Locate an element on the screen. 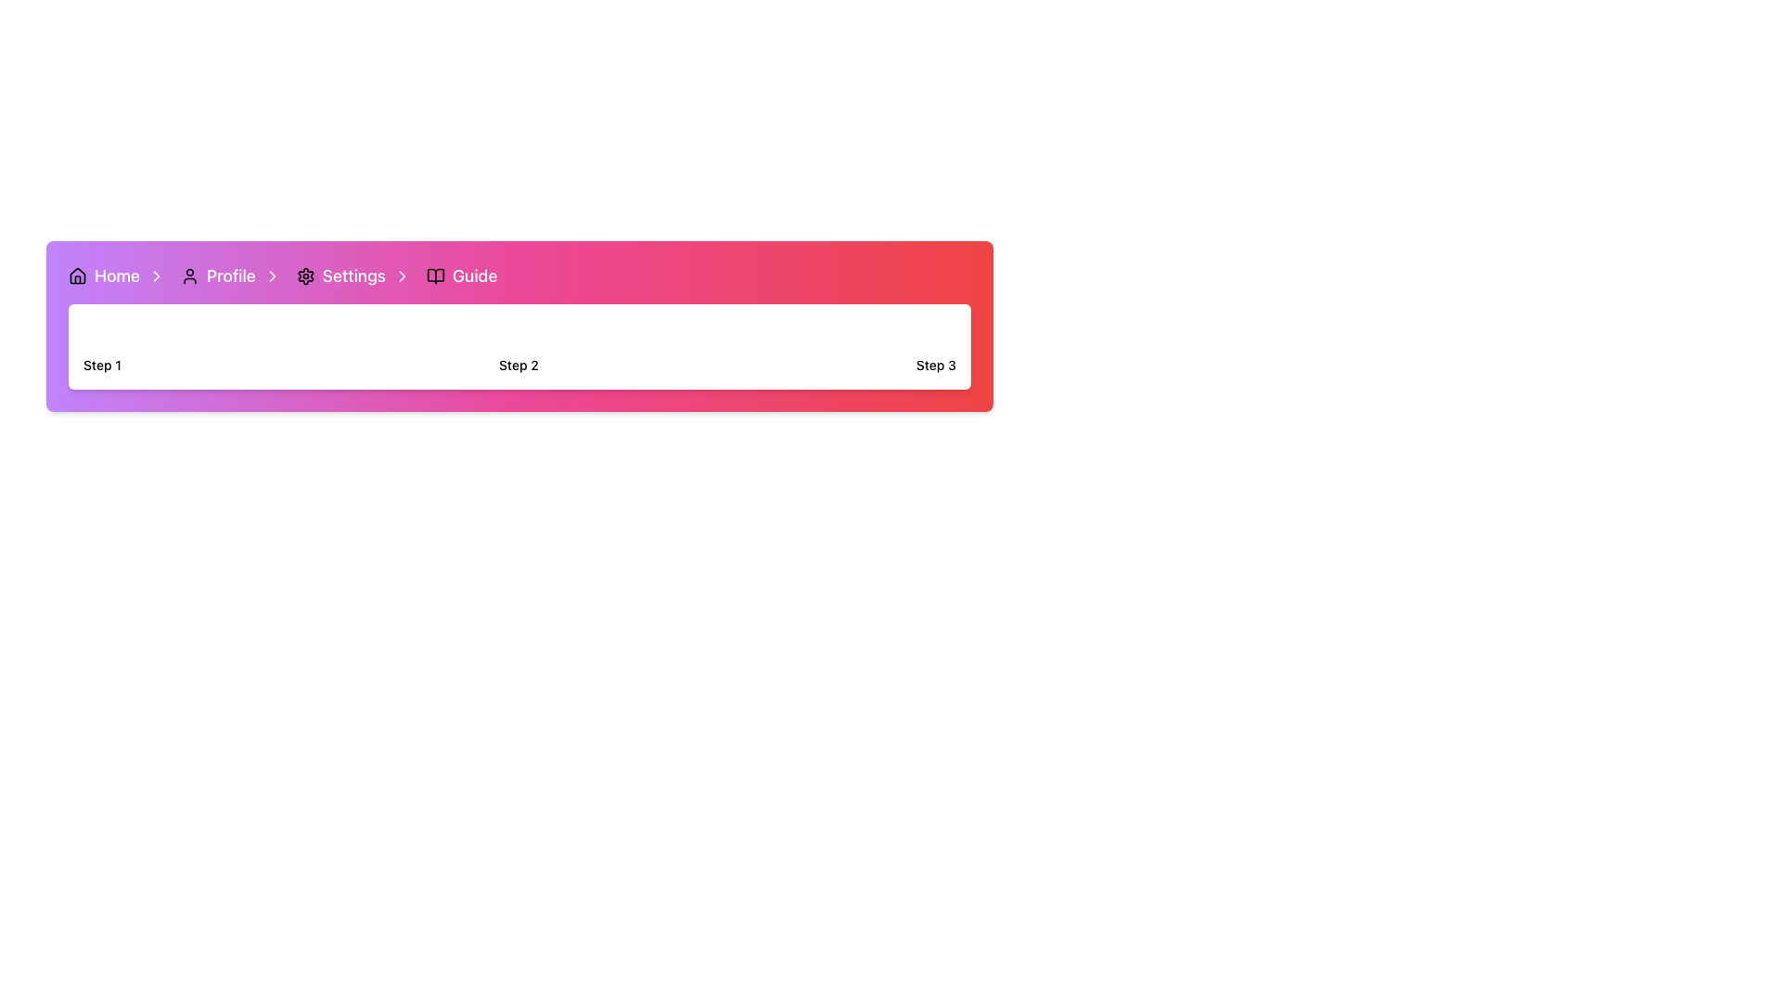 This screenshot has height=1002, width=1781. the 'Settings' navigation item, which is the third item from the left in the navigation bar is located at coordinates (353, 276).